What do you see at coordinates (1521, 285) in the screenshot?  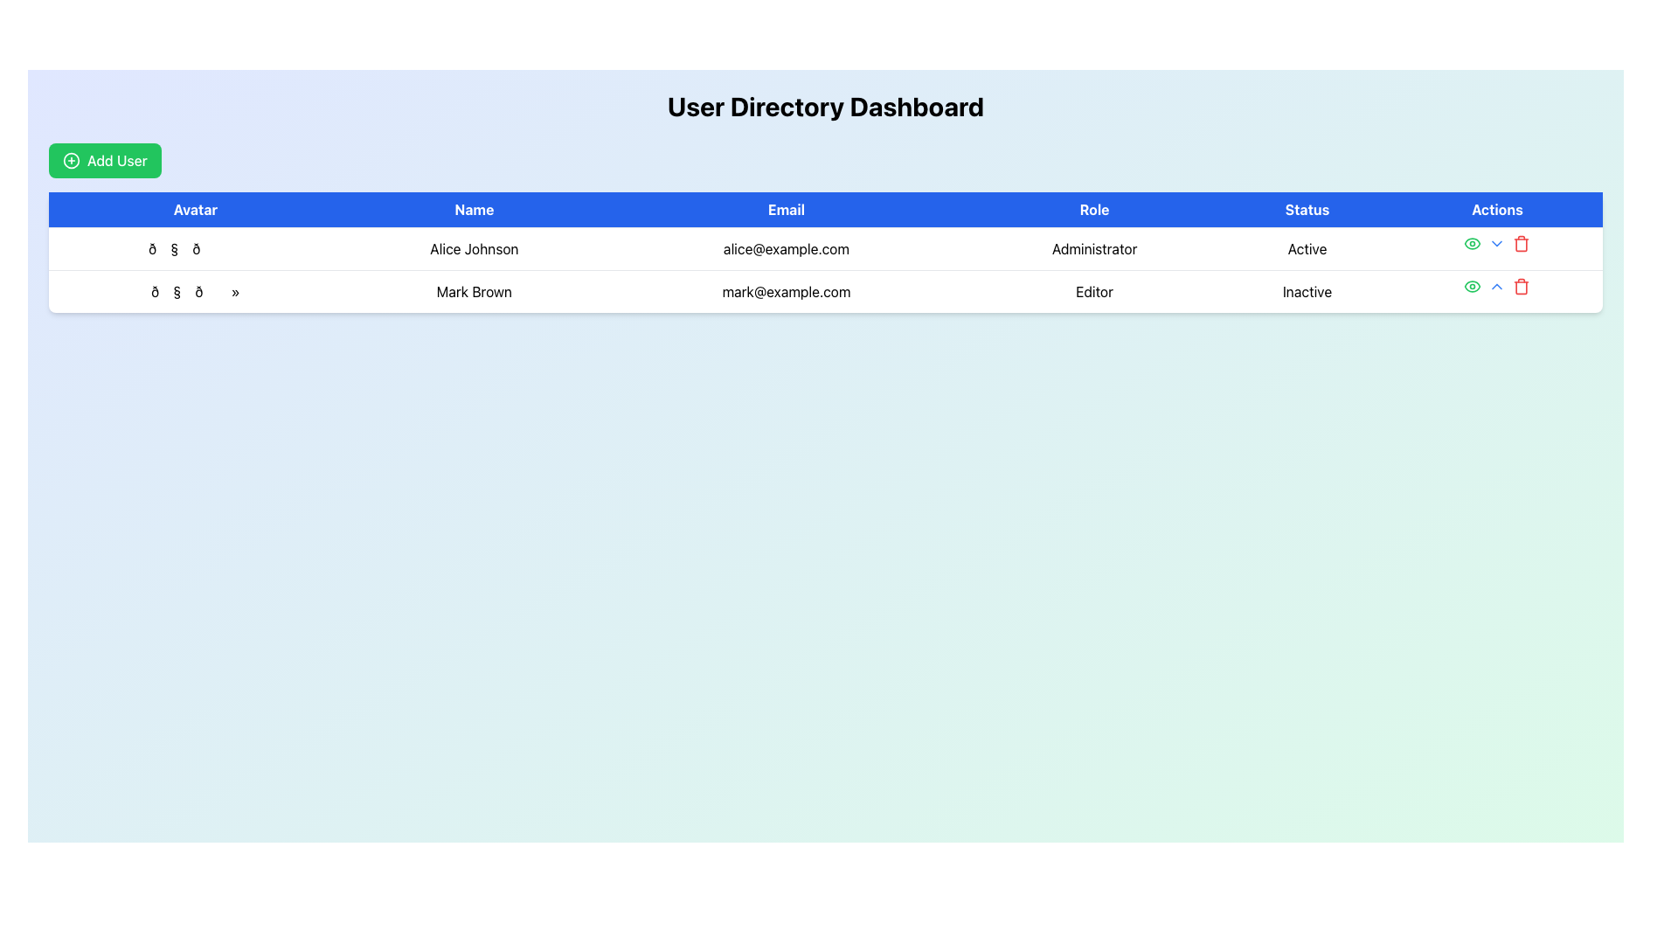 I see `the 'Delete' button icon in the 'Actions' column of the row corresponding to 'Mark Brown', which is the third icon after the 'eye' and 'chevron-up' icons` at bounding box center [1521, 285].